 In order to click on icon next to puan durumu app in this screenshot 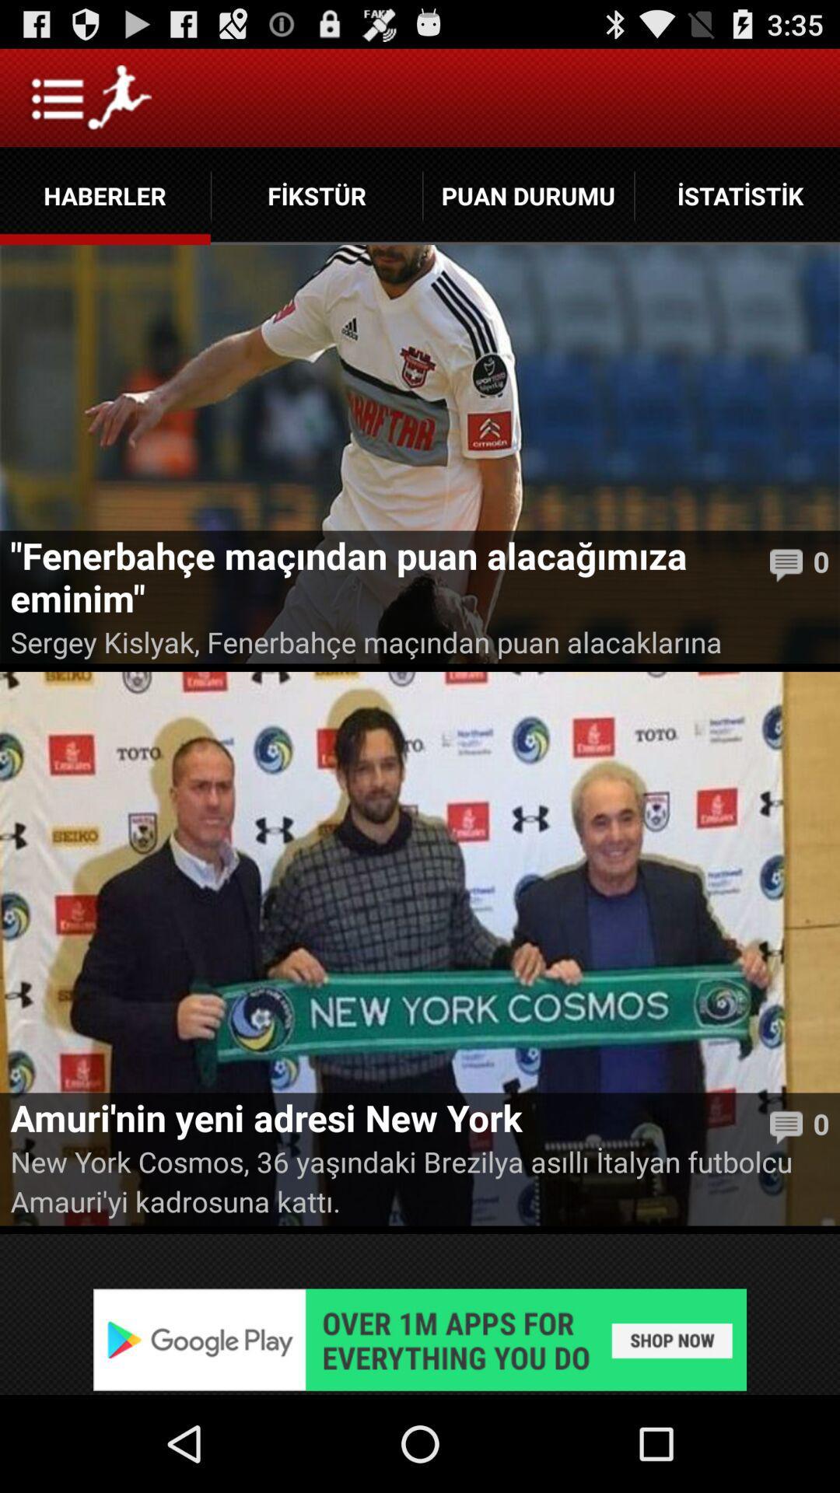, I will do `click(737, 195)`.